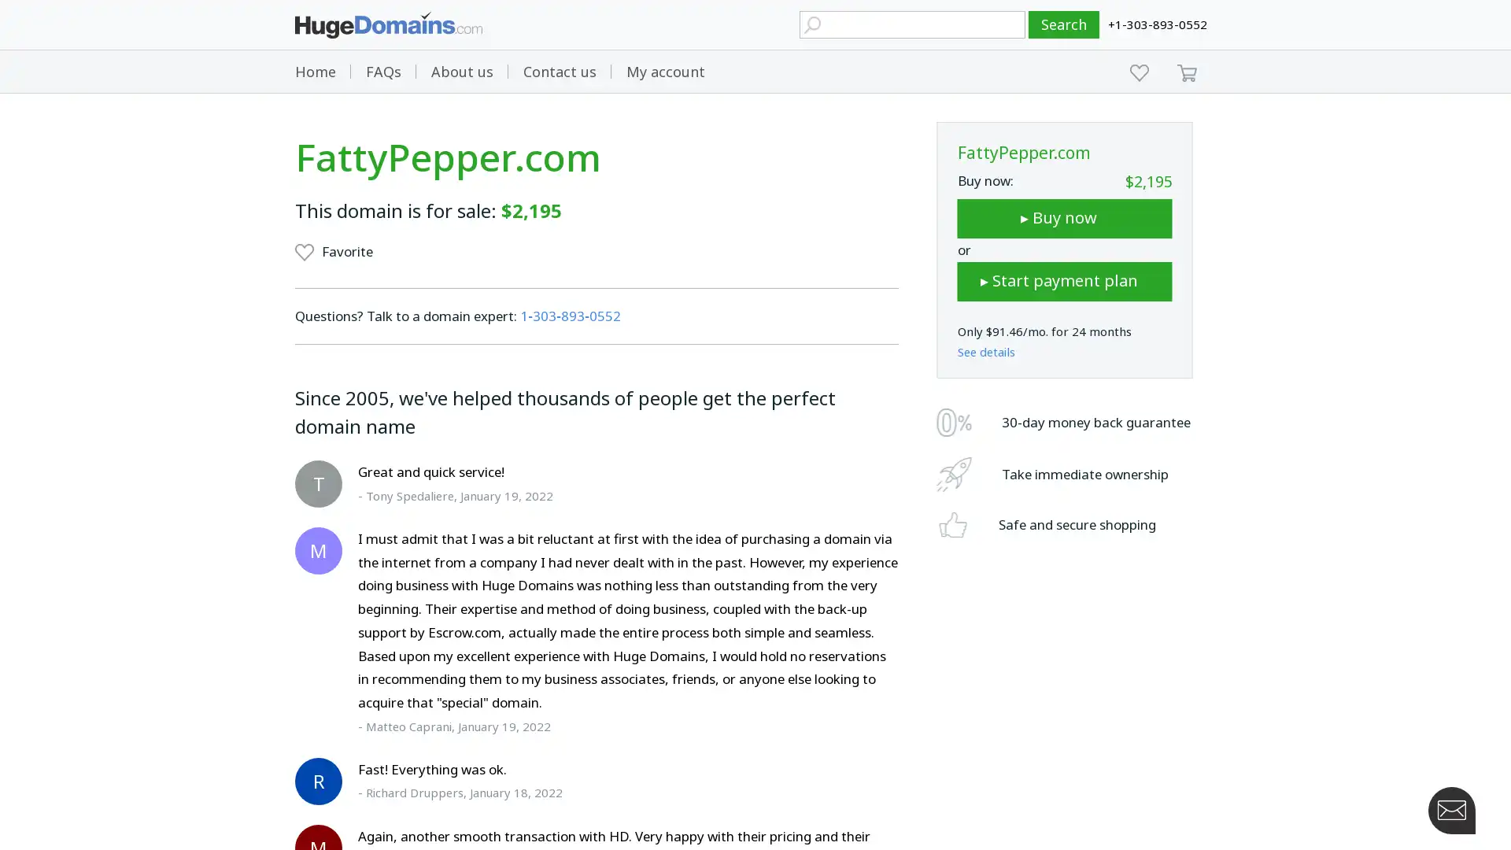 This screenshot has width=1511, height=850. What do you see at coordinates (1064, 24) in the screenshot?
I see `Search` at bounding box center [1064, 24].